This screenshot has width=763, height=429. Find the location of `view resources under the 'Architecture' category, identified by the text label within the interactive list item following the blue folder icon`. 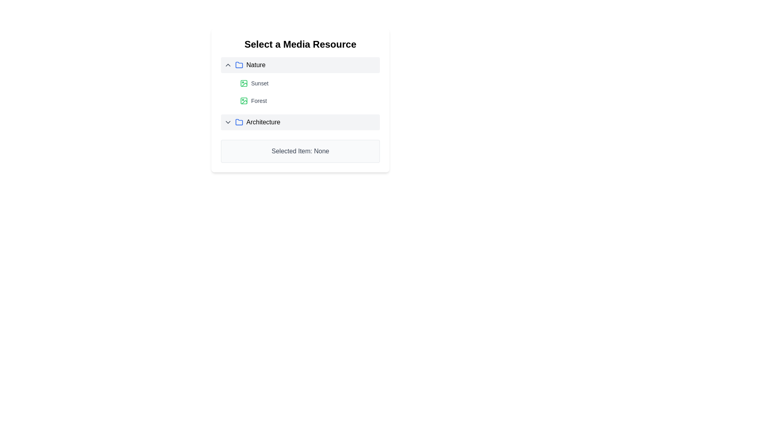

view resources under the 'Architecture' category, identified by the text label within the interactive list item following the blue folder icon is located at coordinates (263, 122).